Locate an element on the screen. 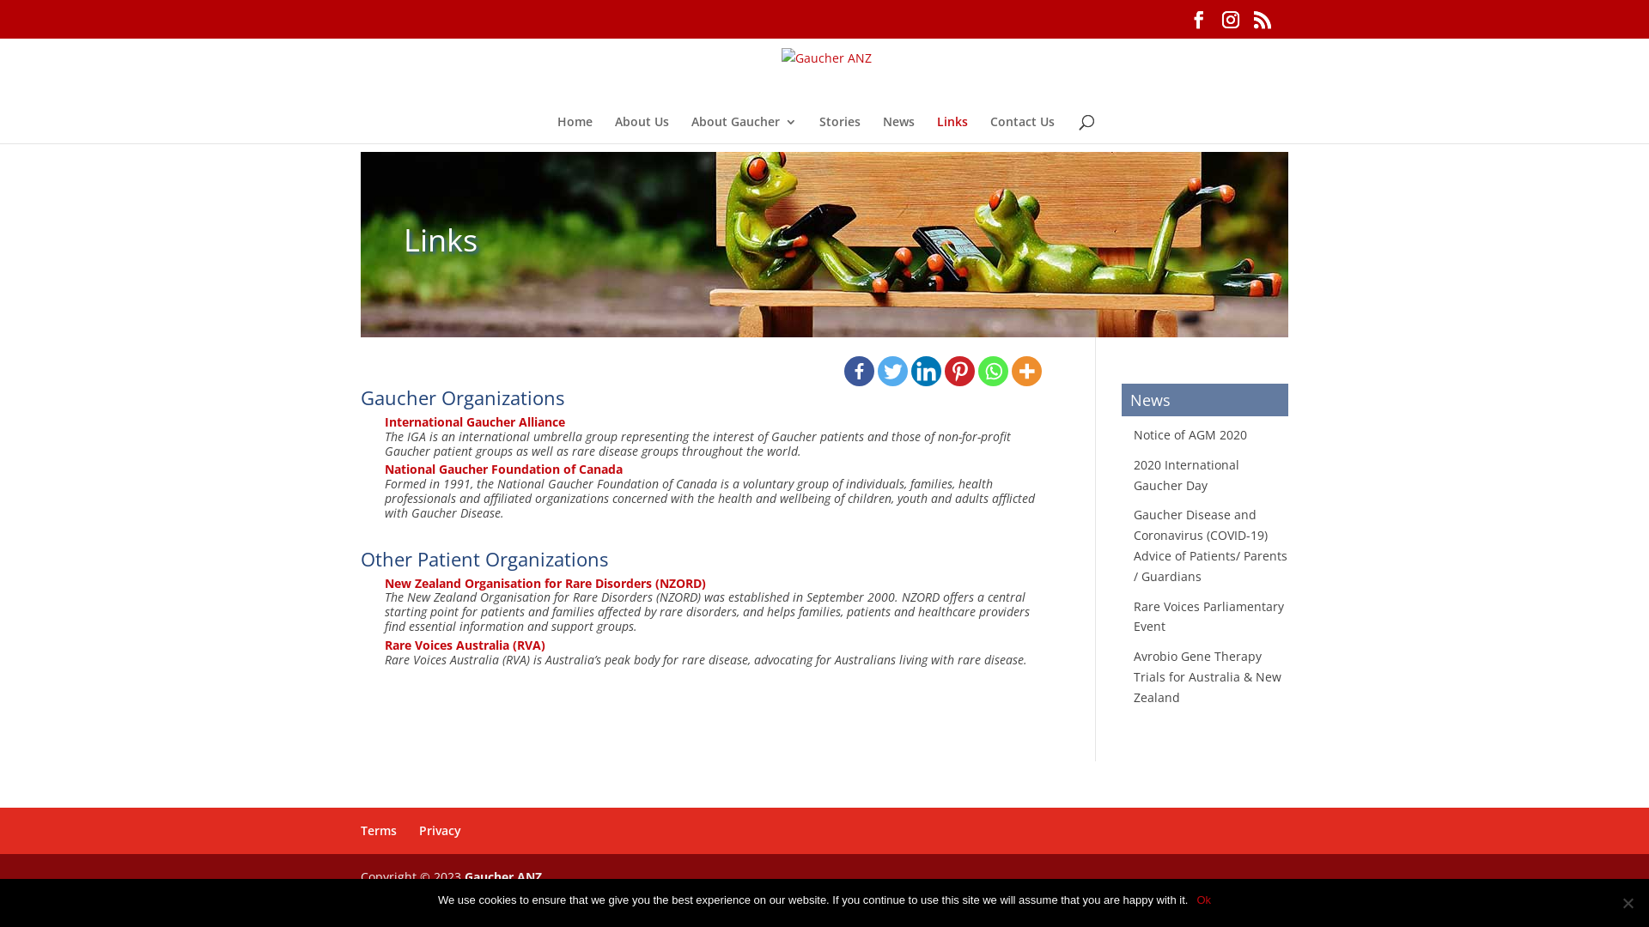 The image size is (1649, 927). 'News' is located at coordinates (898, 128).